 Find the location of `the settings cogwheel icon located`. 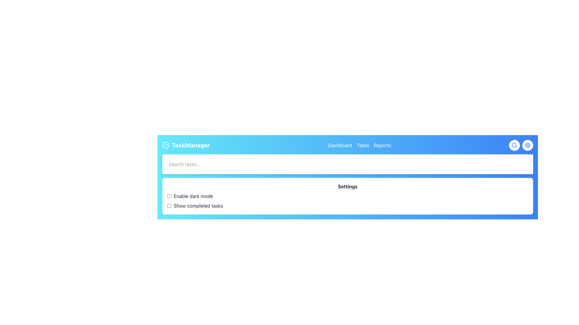

the settings cogwheel icon located is located at coordinates (527, 145).